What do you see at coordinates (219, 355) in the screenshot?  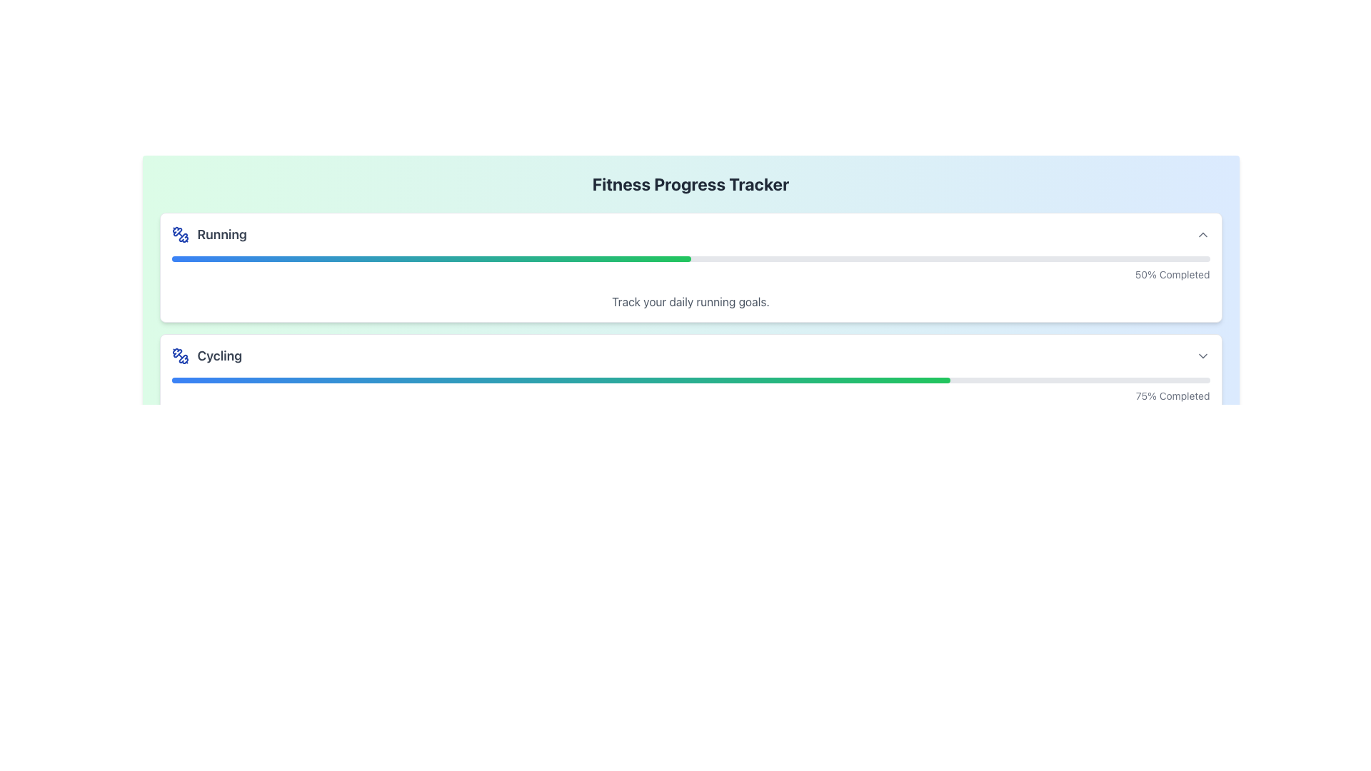 I see `the bold gray text label displaying 'Cycling', which is aligned with a cycling icon to its left and positioned below a similar label for 'Running'` at bounding box center [219, 355].